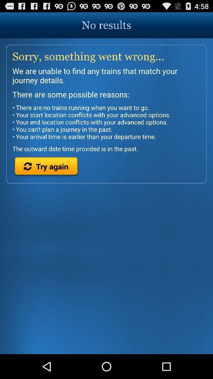  I want to click on the try again item, so click(46, 167).